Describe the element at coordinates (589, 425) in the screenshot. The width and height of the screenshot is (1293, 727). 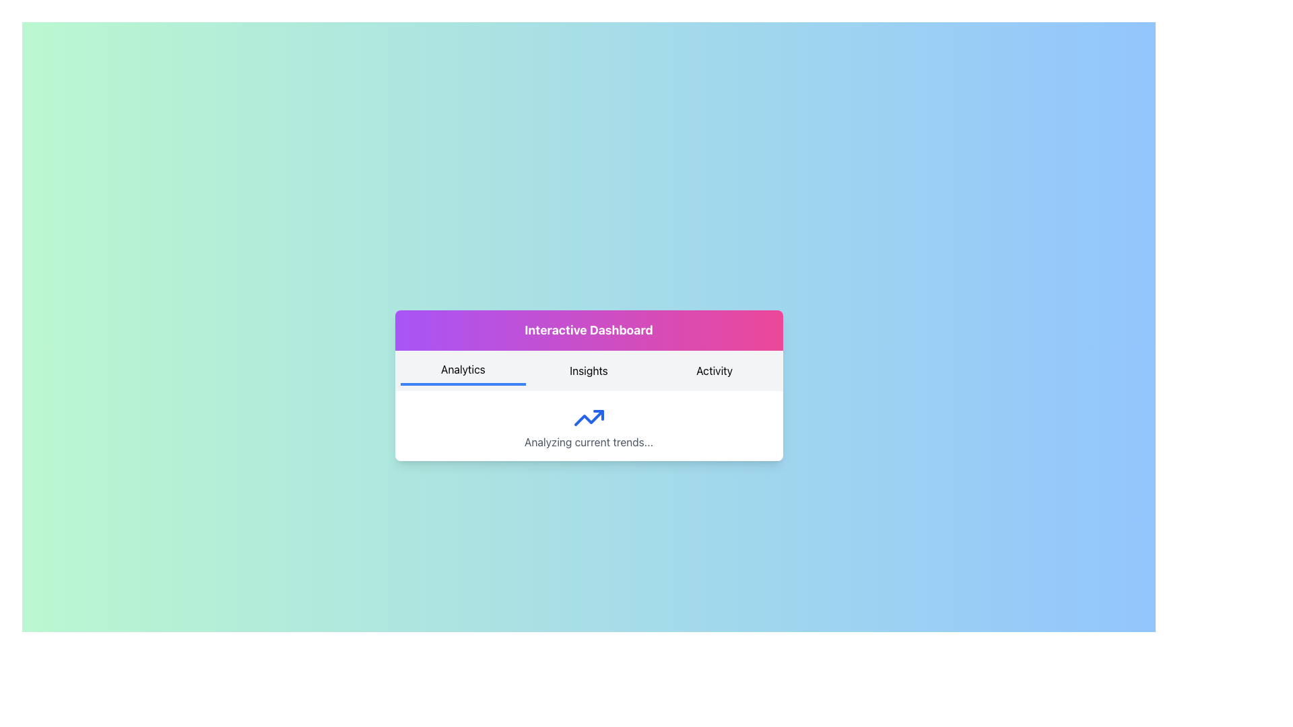
I see `the decorative and informational text with an icon located centrally beneath the navigation tabs of 'Analytics', 'Insights', and 'Activity' in the 'Interactive Dashboard'` at that location.